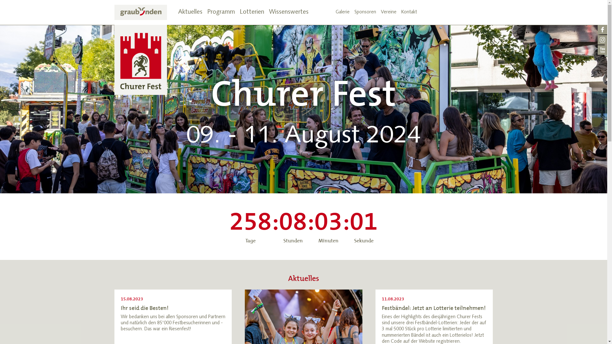 This screenshot has width=612, height=344. I want to click on 'Wissenswertes', so click(288, 12).